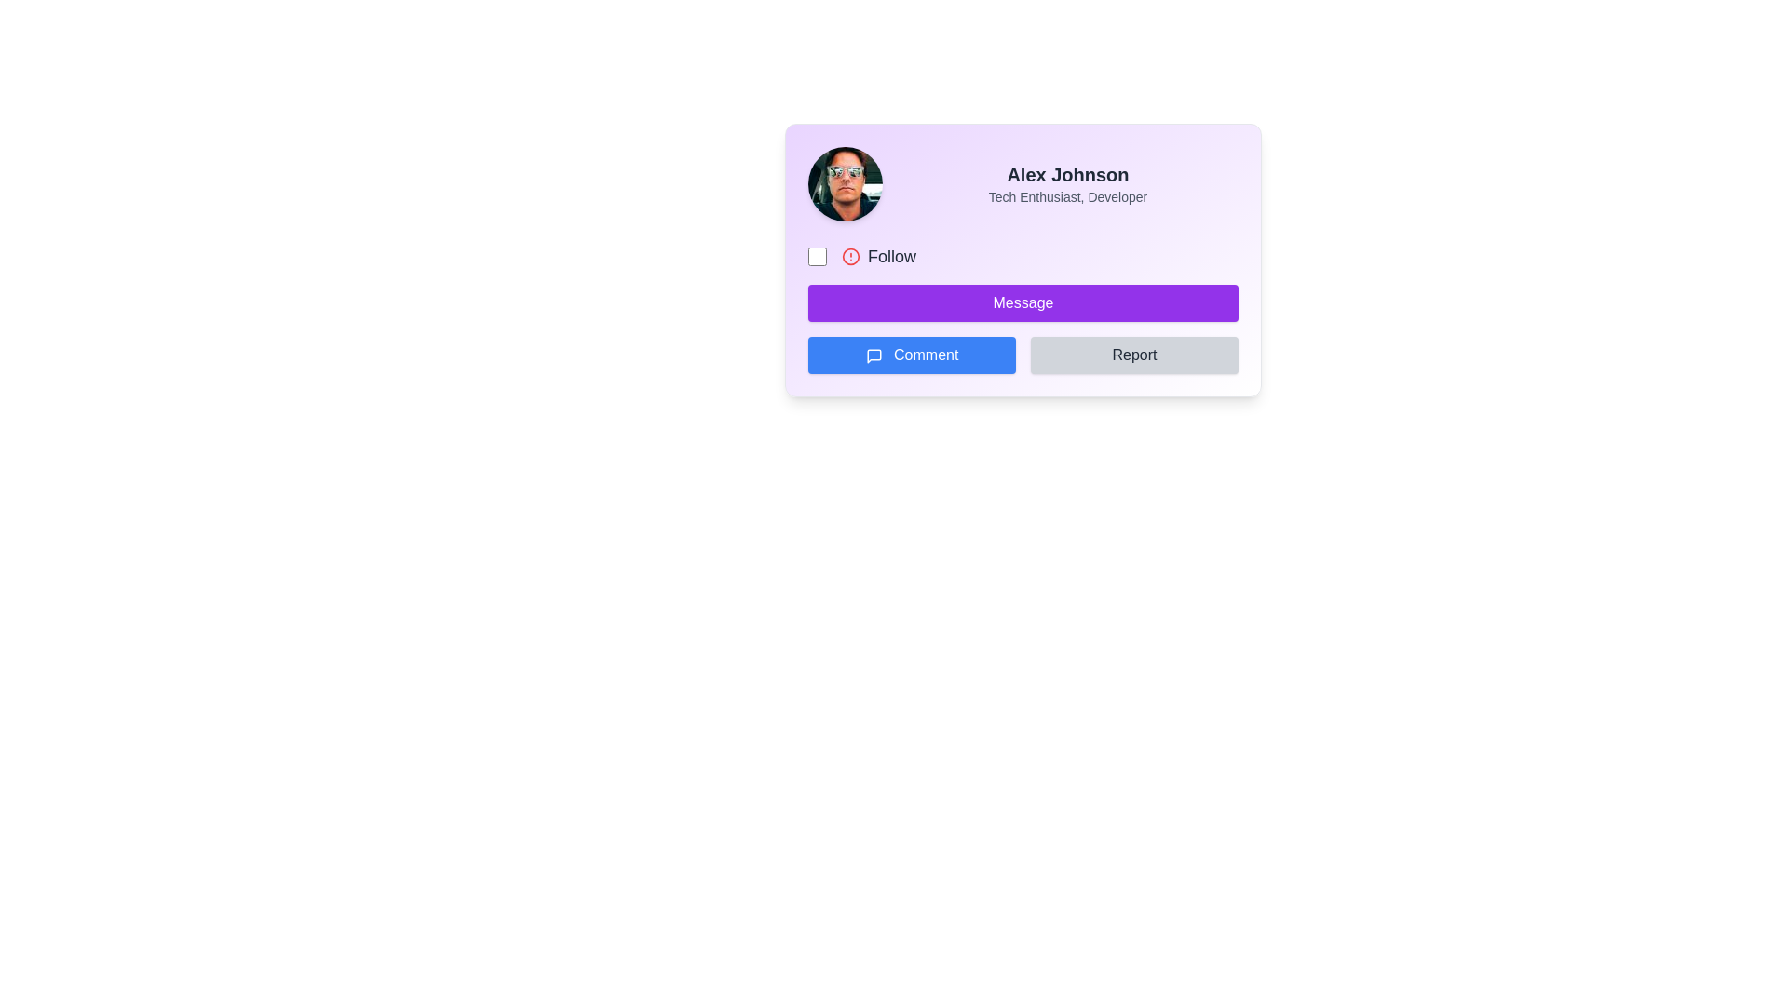 Image resolution: width=1788 pixels, height=1005 pixels. Describe the element at coordinates (844, 183) in the screenshot. I see `the circular avatar image displaying a profile picture of a person wearing sunglasses` at that location.